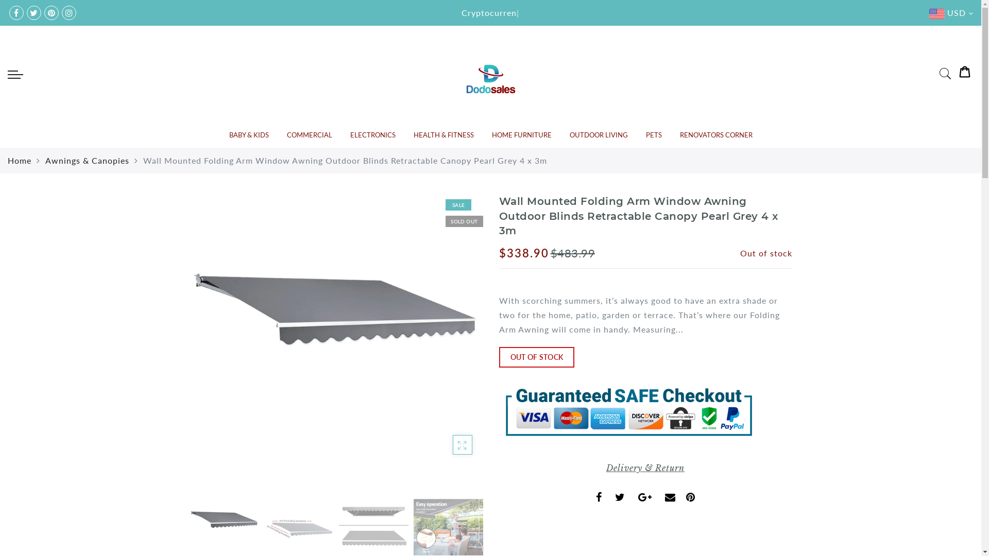 This screenshot has height=556, width=989. Describe the element at coordinates (443, 134) in the screenshot. I see `'HEALTH & FITNESS'` at that location.